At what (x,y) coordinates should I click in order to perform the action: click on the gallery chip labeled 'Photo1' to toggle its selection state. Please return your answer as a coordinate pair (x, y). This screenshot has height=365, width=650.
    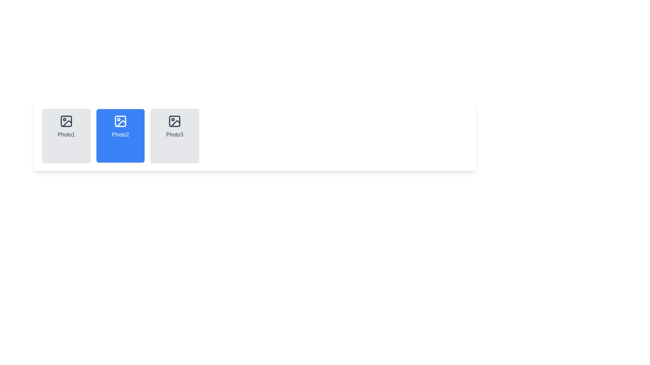
    Looking at the image, I should click on (66, 136).